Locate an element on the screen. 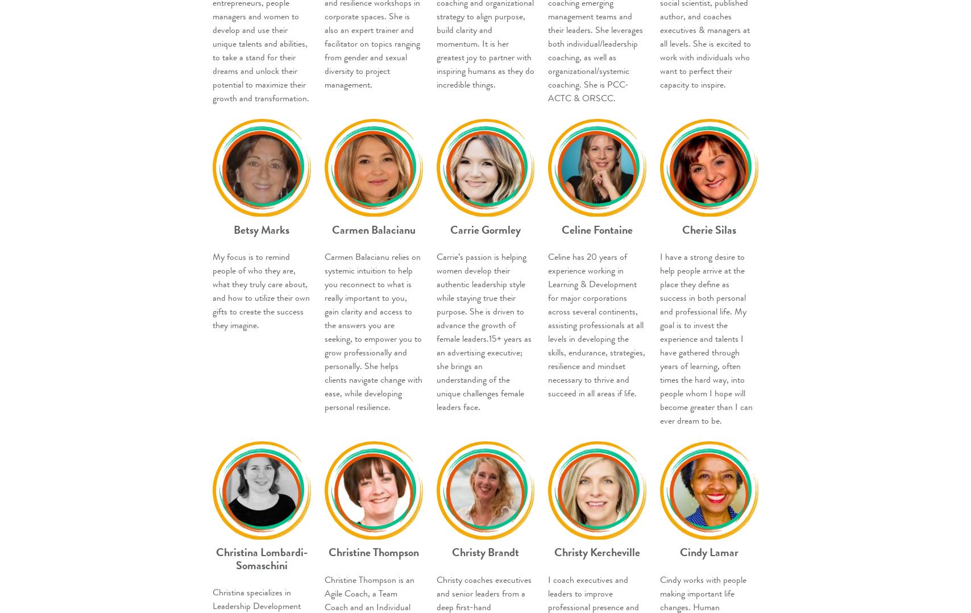 This screenshot has height=613, width=971. 'Betsy Marks' is located at coordinates (261, 229).